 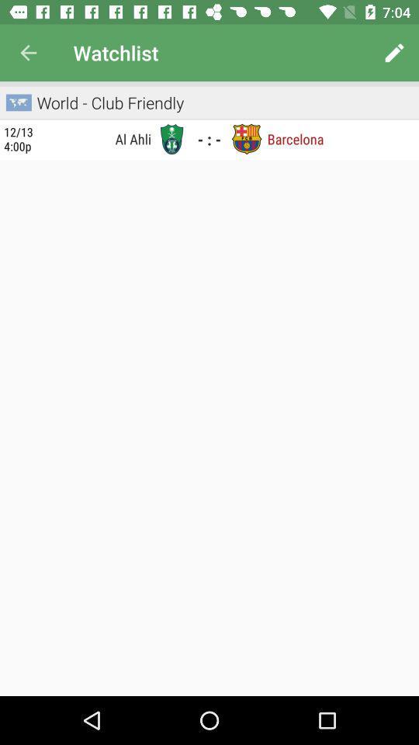 What do you see at coordinates (97, 138) in the screenshot?
I see `the al ahli` at bounding box center [97, 138].